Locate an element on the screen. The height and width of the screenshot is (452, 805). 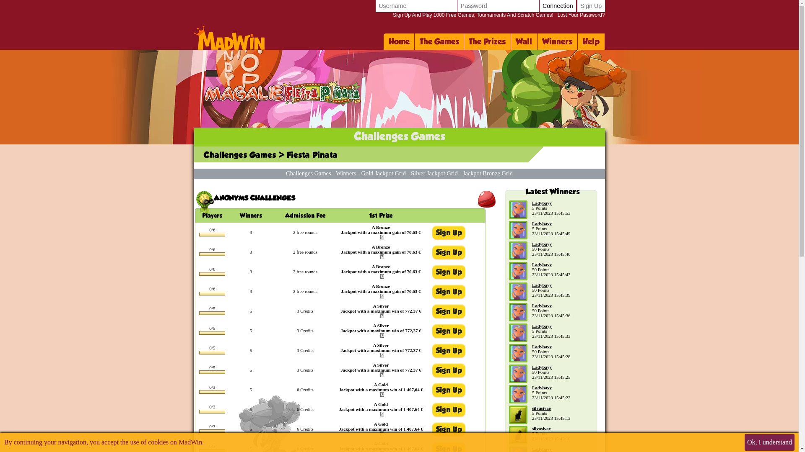
'Ladybayy' is located at coordinates (531, 223).